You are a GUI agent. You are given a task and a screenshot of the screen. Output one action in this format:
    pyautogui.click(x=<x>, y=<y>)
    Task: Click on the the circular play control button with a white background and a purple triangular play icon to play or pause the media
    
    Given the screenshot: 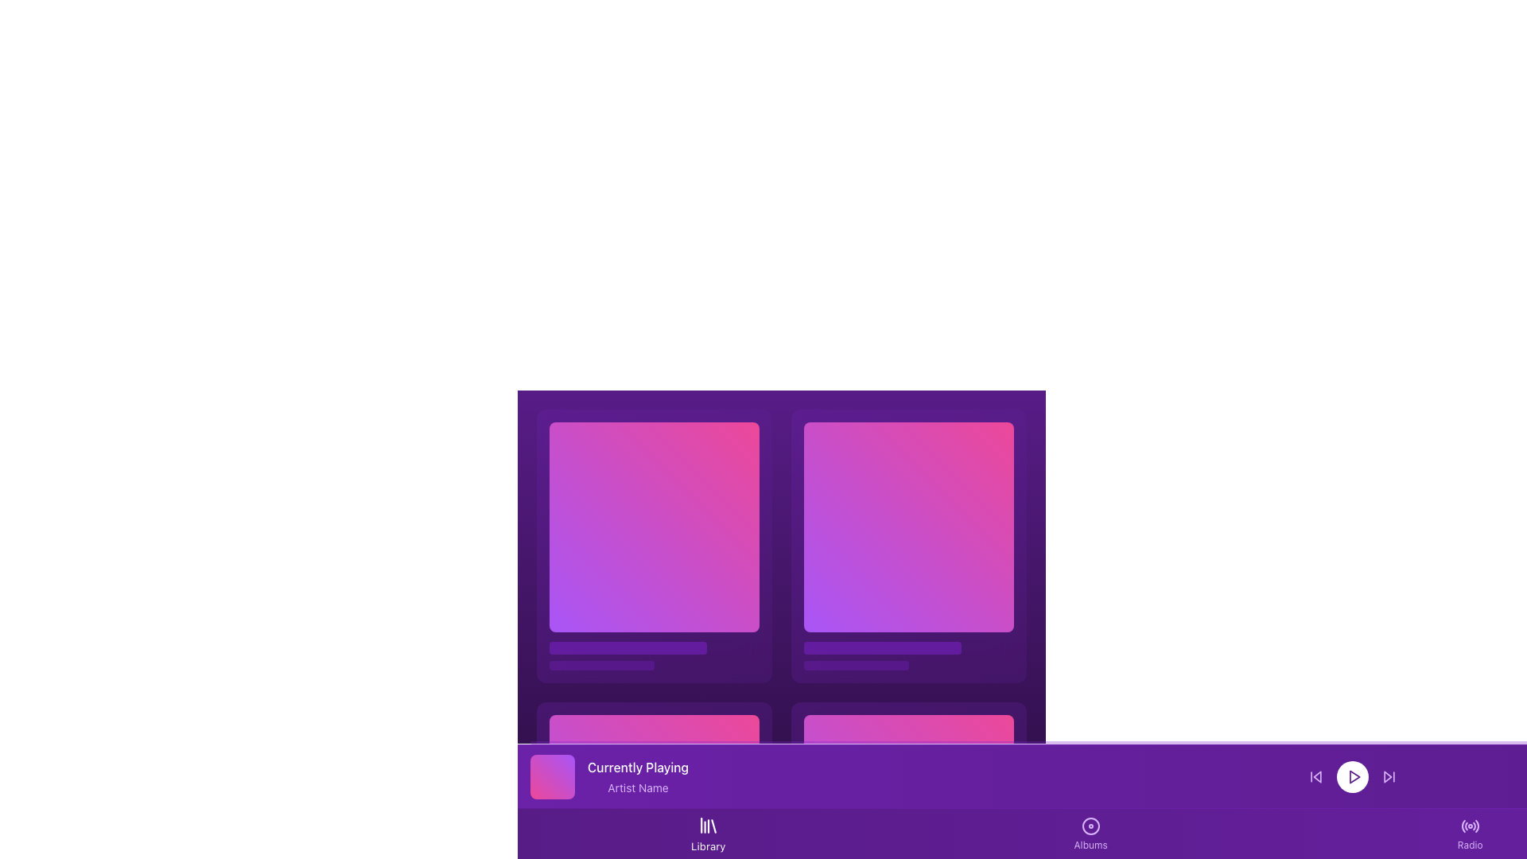 What is the action you would take?
    pyautogui.click(x=1351, y=775)
    